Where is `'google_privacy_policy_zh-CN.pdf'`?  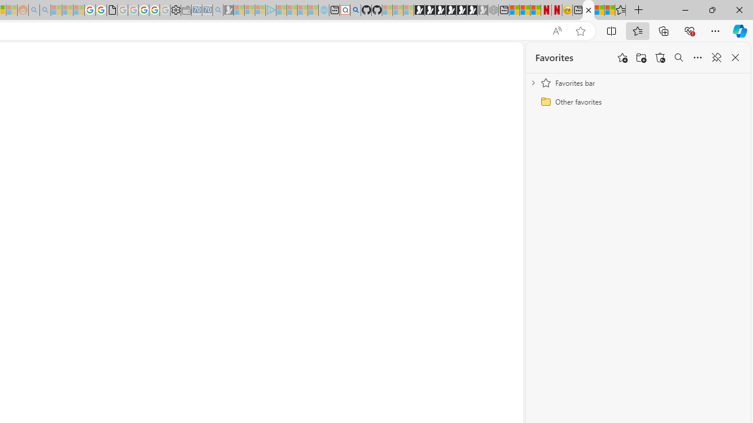 'google_privacy_policy_zh-CN.pdf' is located at coordinates (112, 10).